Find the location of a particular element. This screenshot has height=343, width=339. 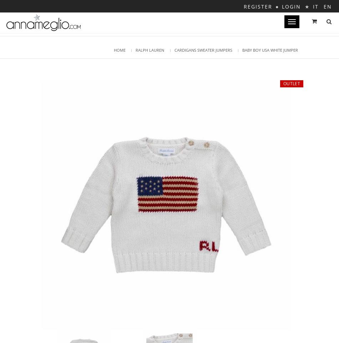

'0,00€' is located at coordinates (303, 82).